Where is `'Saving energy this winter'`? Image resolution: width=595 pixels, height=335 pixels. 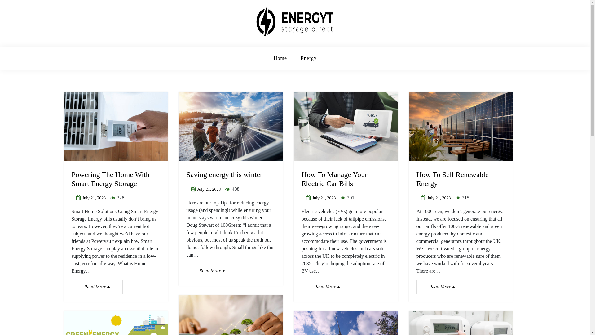 'Saving energy this winter' is located at coordinates (186, 175).